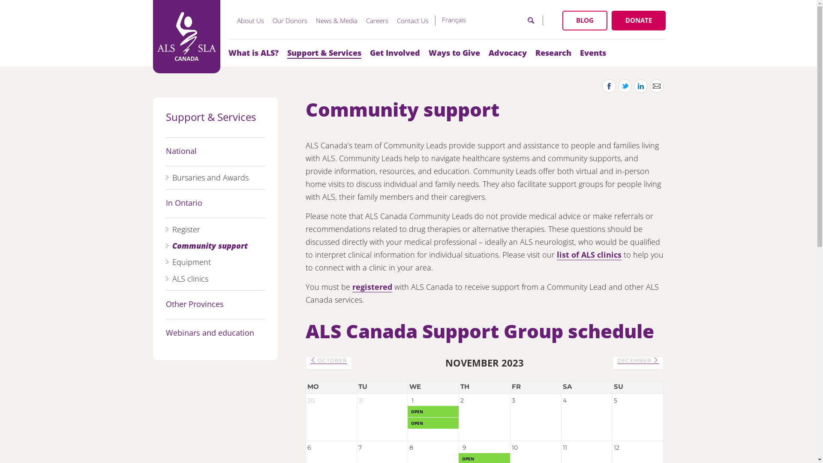  I want to click on 'Share on Twitter', so click(625, 86).